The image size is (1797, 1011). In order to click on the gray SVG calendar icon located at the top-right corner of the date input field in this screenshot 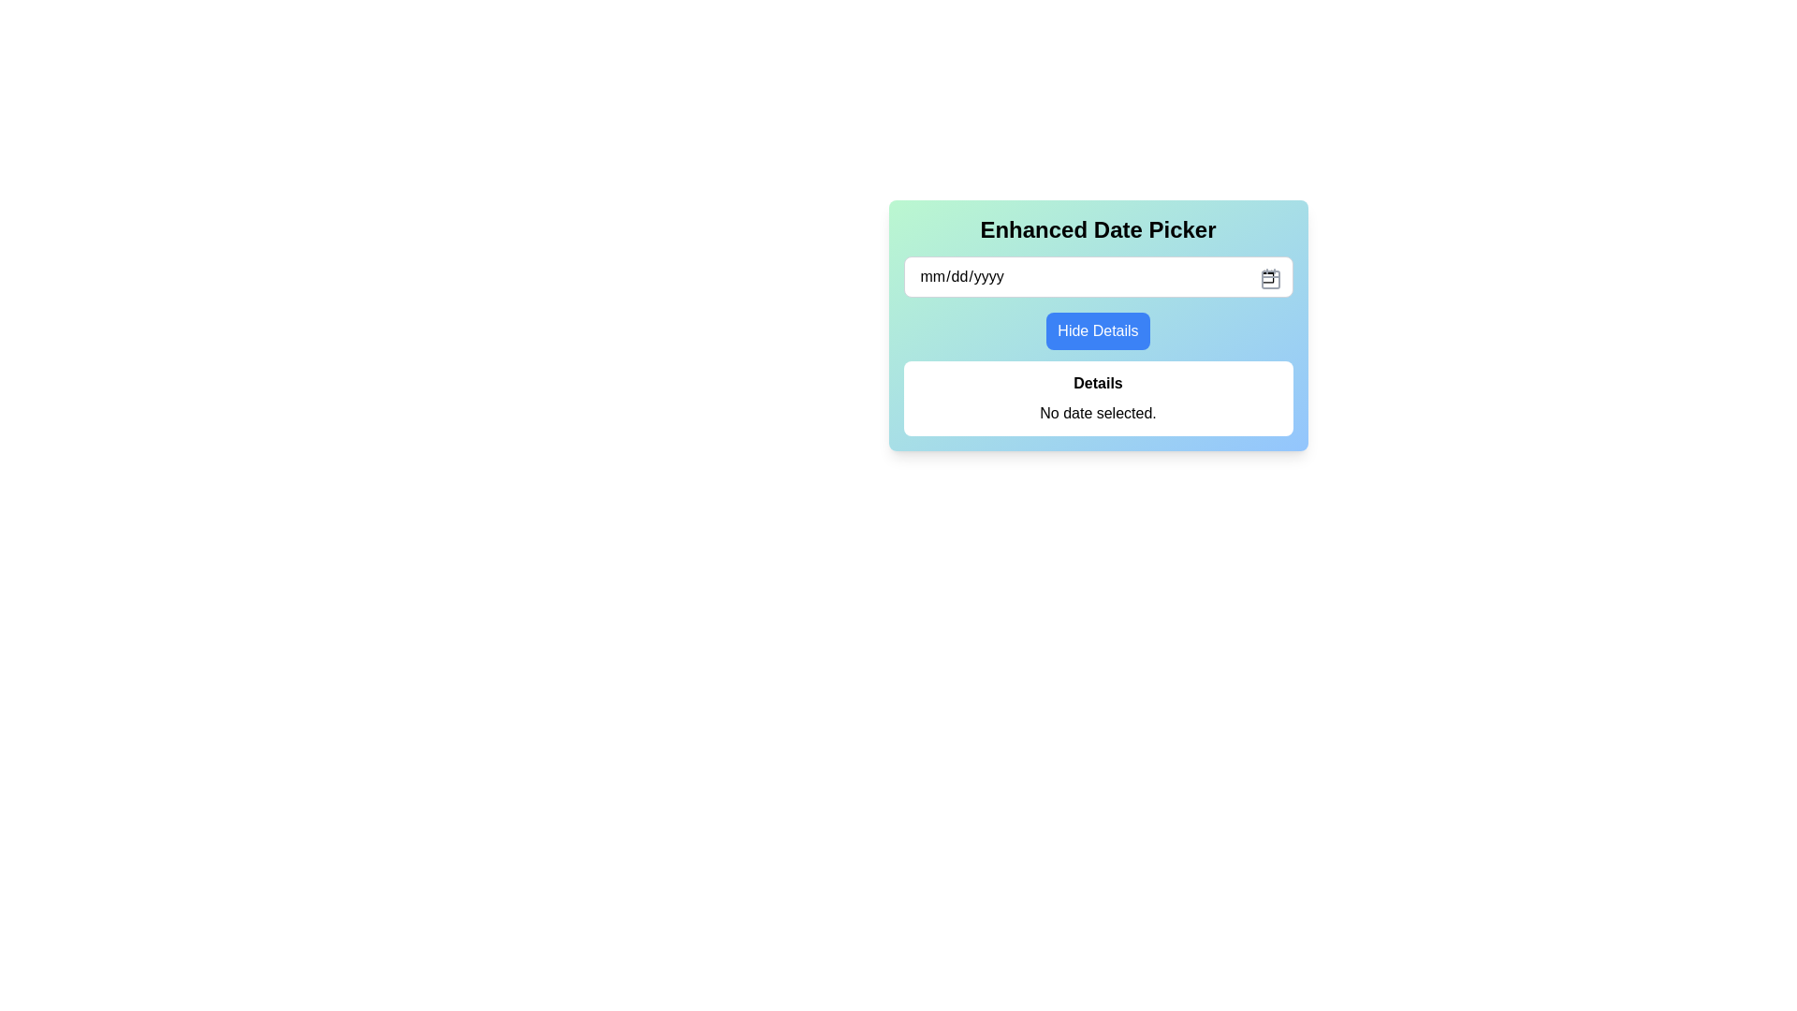, I will do `click(1270, 278)`.